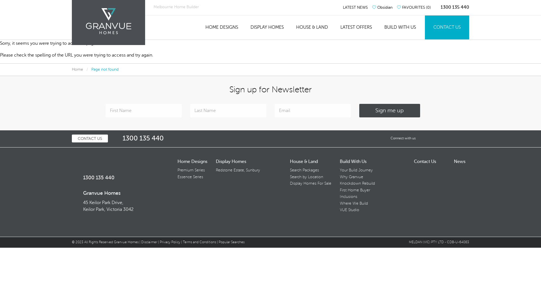  What do you see at coordinates (354, 190) in the screenshot?
I see `'First Home Buyer'` at bounding box center [354, 190].